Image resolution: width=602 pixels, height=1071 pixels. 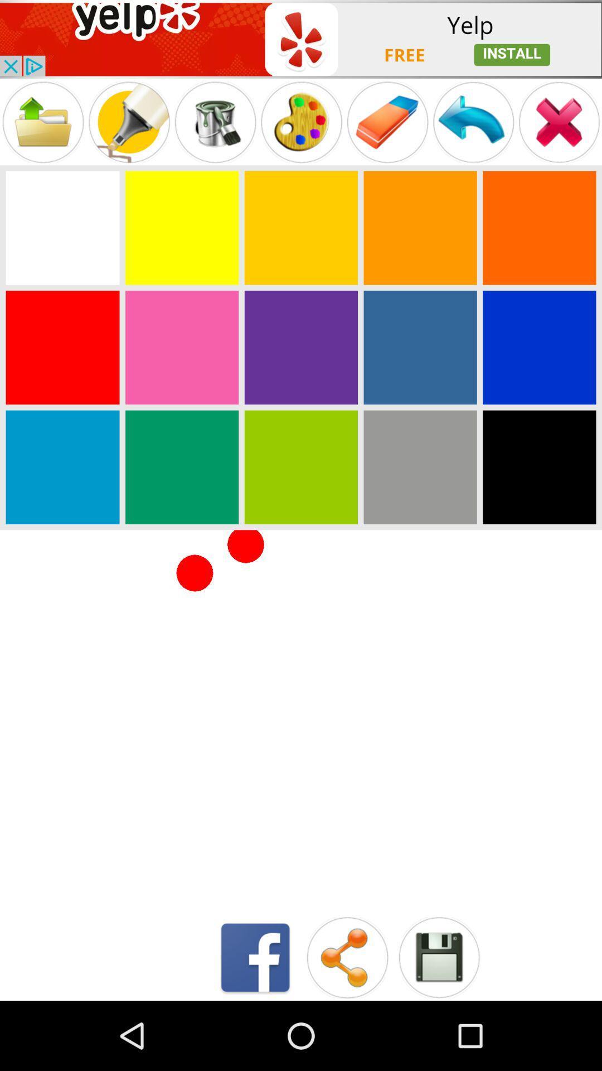 What do you see at coordinates (473, 131) in the screenshot?
I see `the undo icon` at bounding box center [473, 131].